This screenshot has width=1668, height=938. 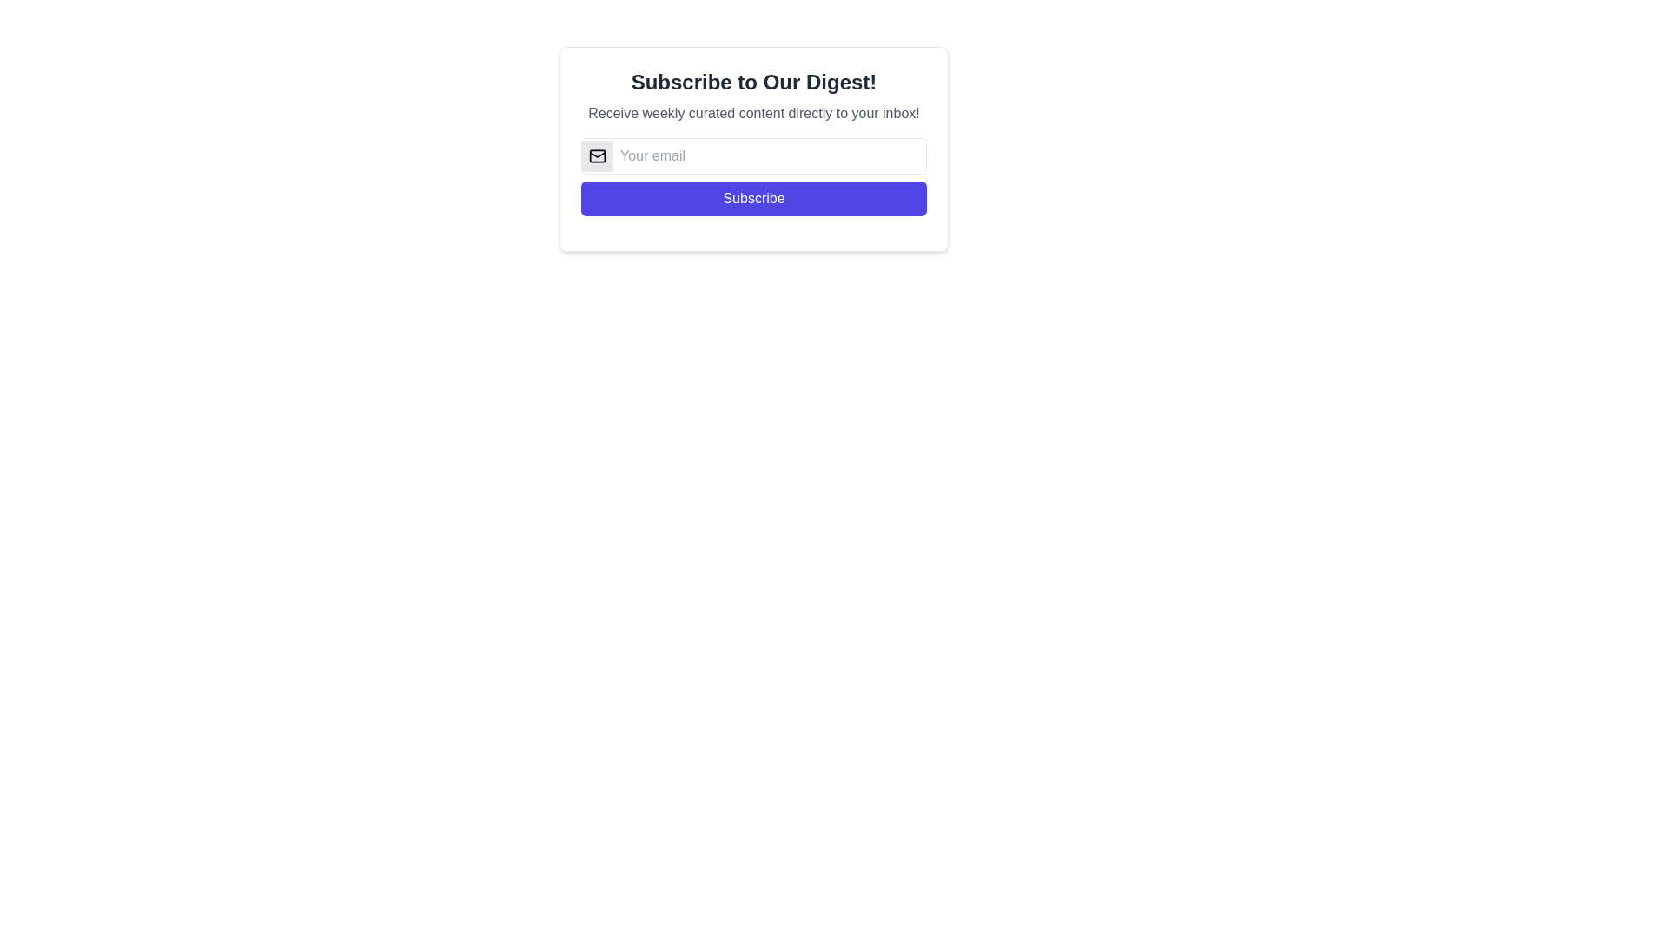 What do you see at coordinates (597, 156) in the screenshot?
I see `the envelope icon associated with email, which is positioned to the left of the 'Your email' text input field` at bounding box center [597, 156].